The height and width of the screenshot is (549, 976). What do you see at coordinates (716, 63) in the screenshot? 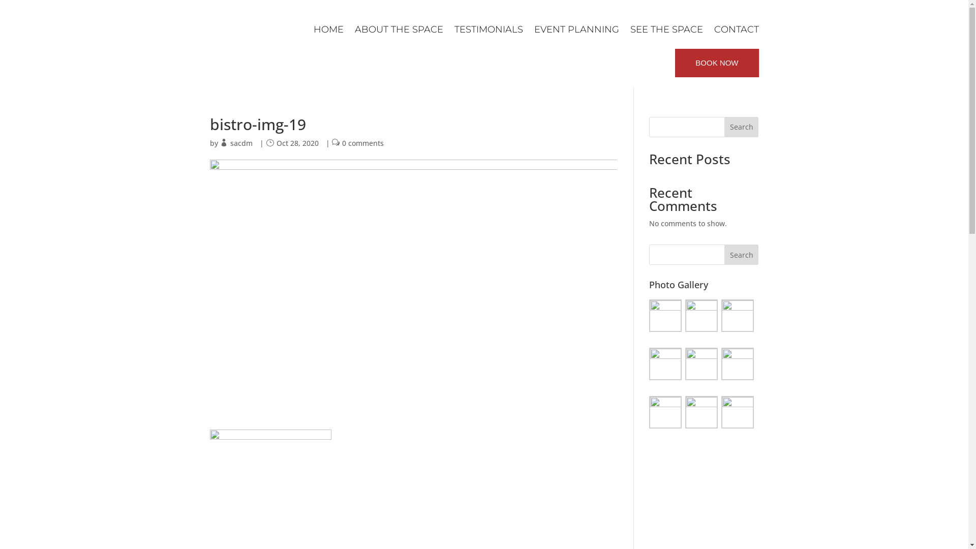
I see `'BOOK NOW'` at bounding box center [716, 63].